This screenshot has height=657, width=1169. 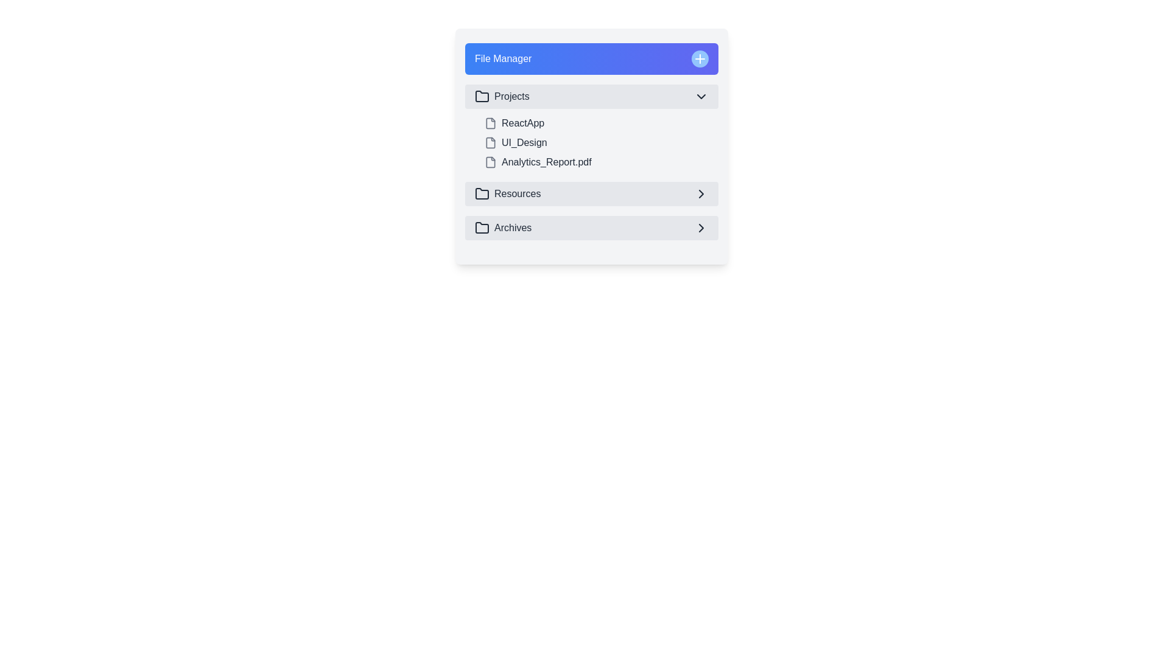 What do you see at coordinates (482, 228) in the screenshot?
I see `the folder icon representing the 'Archives' section located towards the bottom of the file manager panel` at bounding box center [482, 228].